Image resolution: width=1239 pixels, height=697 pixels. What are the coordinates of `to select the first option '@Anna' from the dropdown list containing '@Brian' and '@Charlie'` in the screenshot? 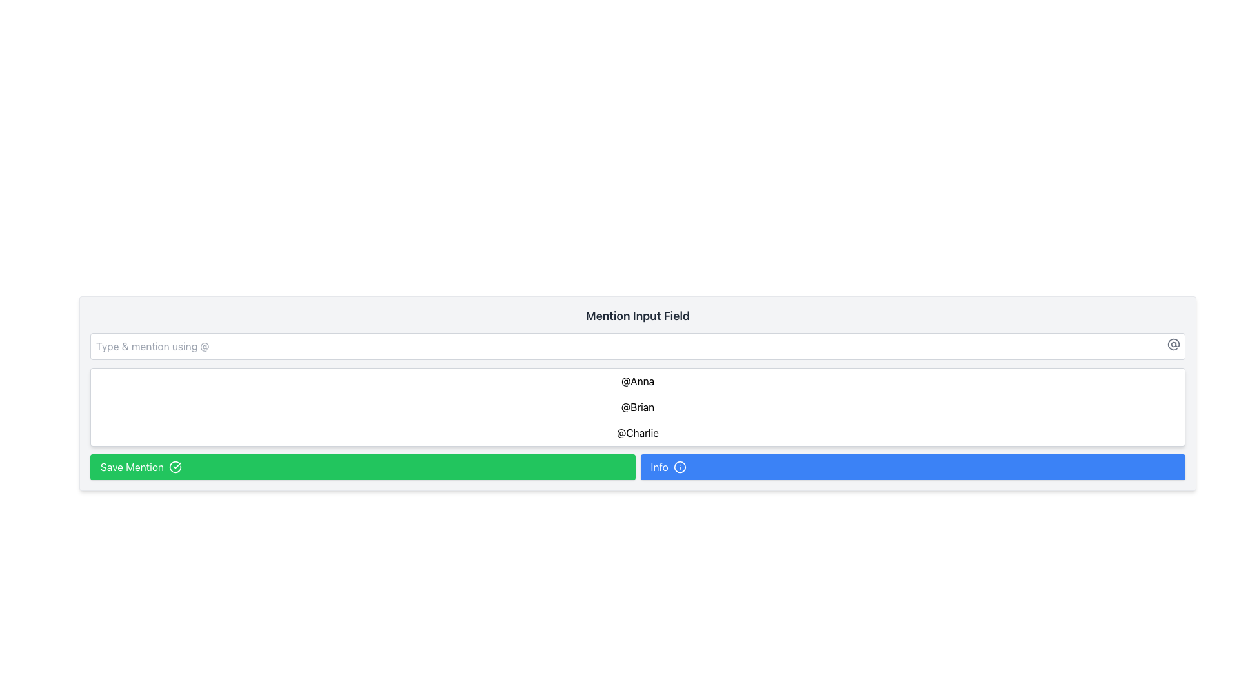 It's located at (638, 380).